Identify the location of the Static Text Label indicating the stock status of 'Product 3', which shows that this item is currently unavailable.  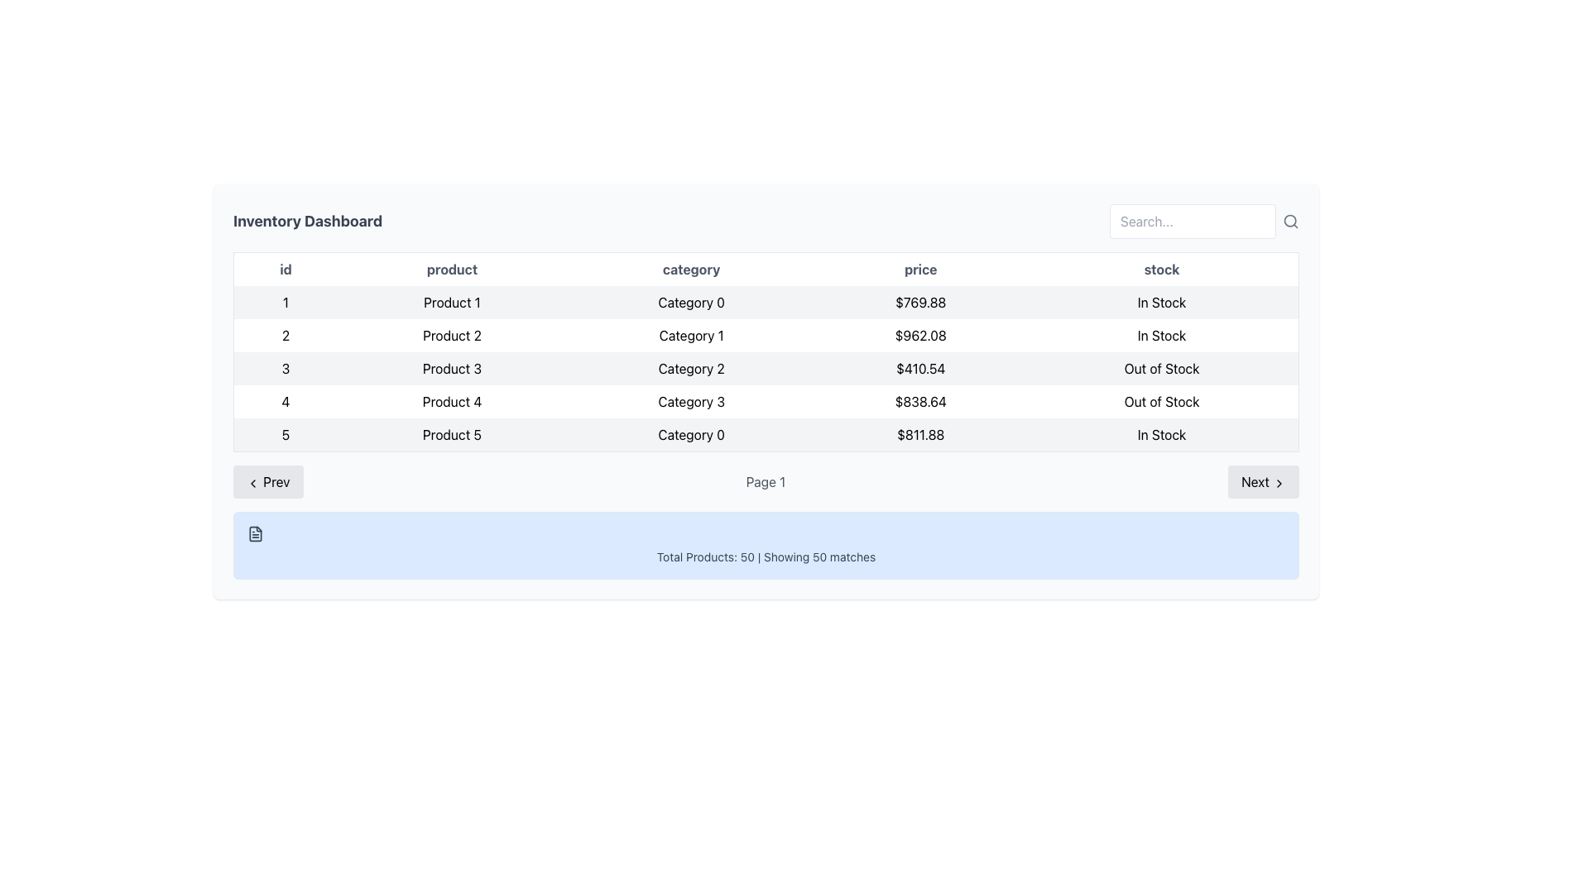
(1161, 368).